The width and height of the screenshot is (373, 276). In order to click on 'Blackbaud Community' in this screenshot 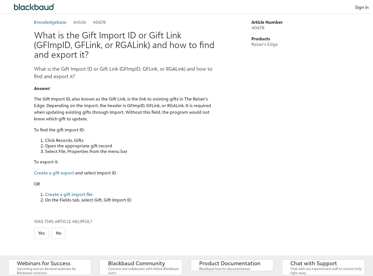, I will do `click(136, 263)`.